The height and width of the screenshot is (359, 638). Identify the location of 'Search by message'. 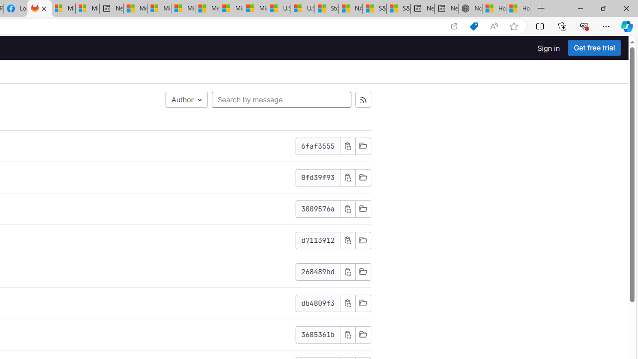
(281, 100).